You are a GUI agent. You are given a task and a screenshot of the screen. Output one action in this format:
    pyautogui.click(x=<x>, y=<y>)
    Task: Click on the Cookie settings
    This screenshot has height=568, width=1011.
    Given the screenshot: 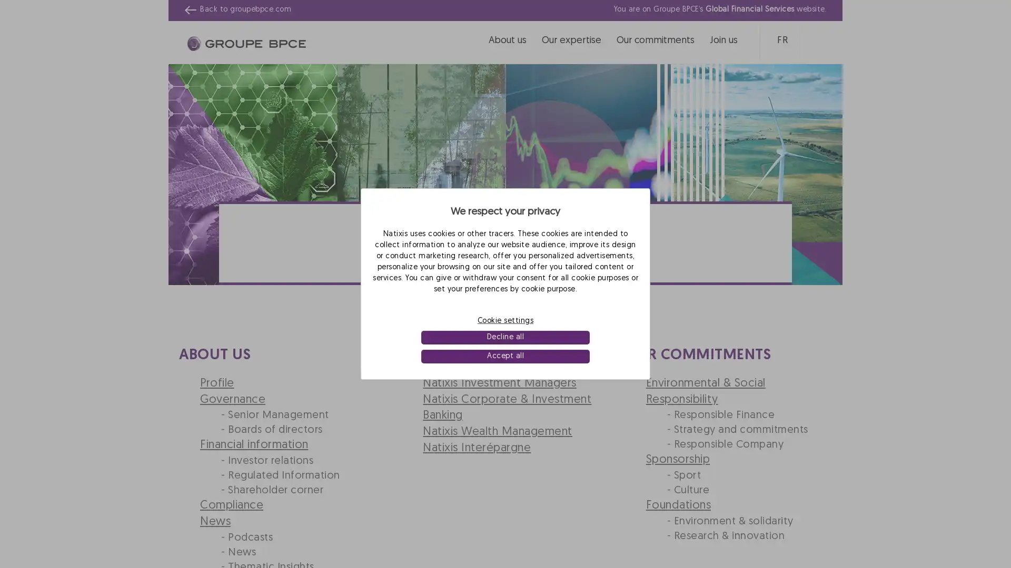 What is the action you would take?
    pyautogui.click(x=506, y=320)
    